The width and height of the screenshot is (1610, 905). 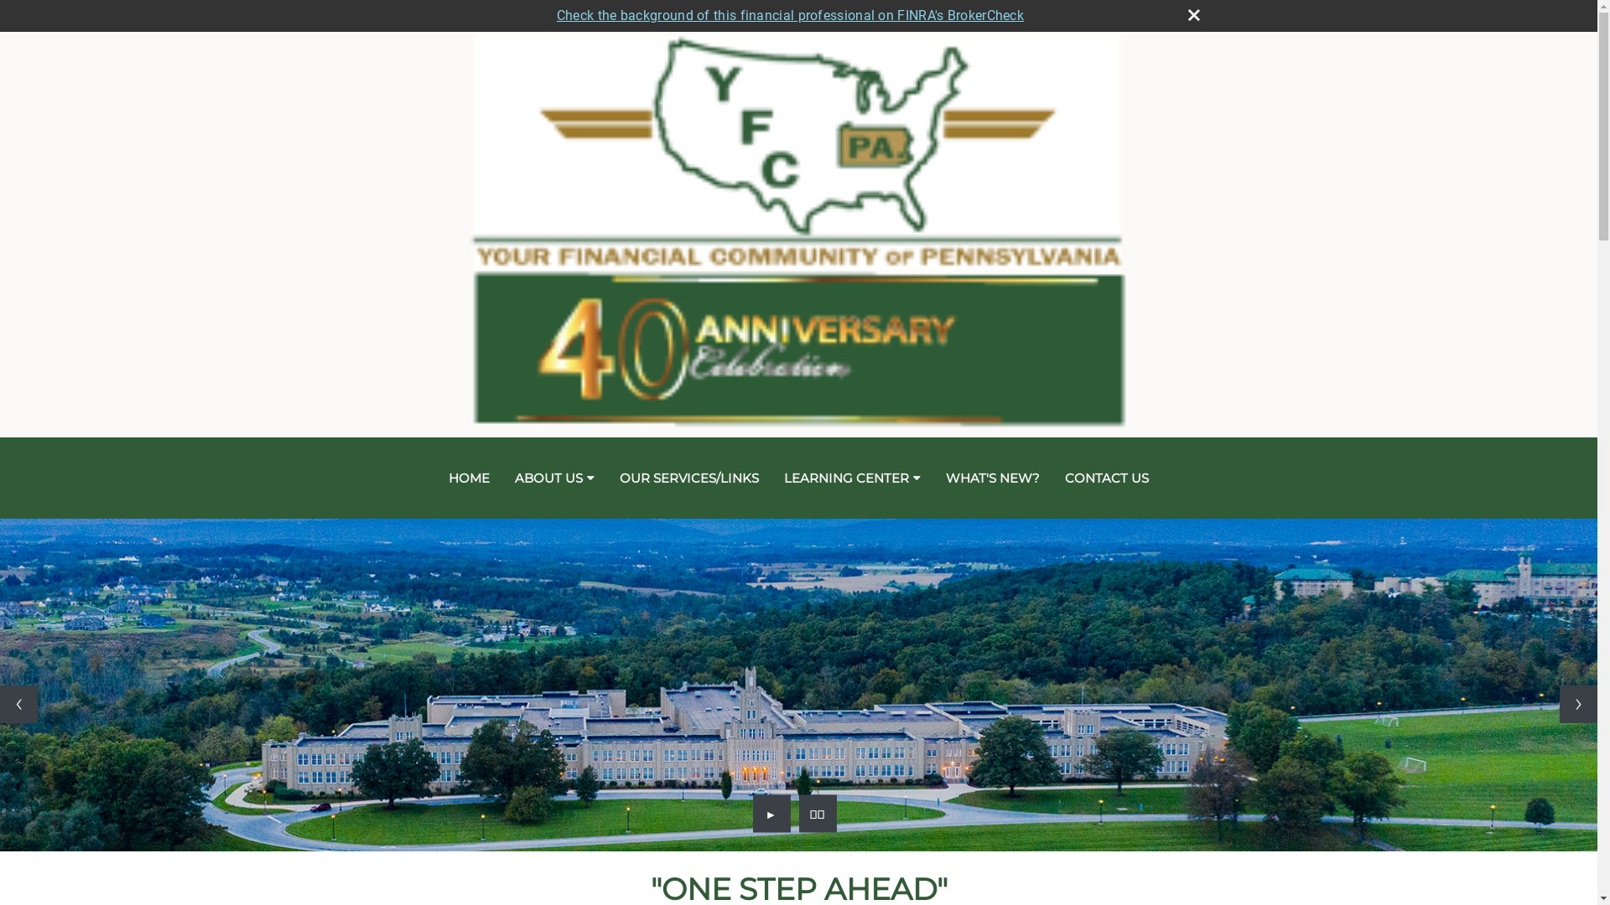 I want to click on 'ABOUT US', so click(x=554, y=478).